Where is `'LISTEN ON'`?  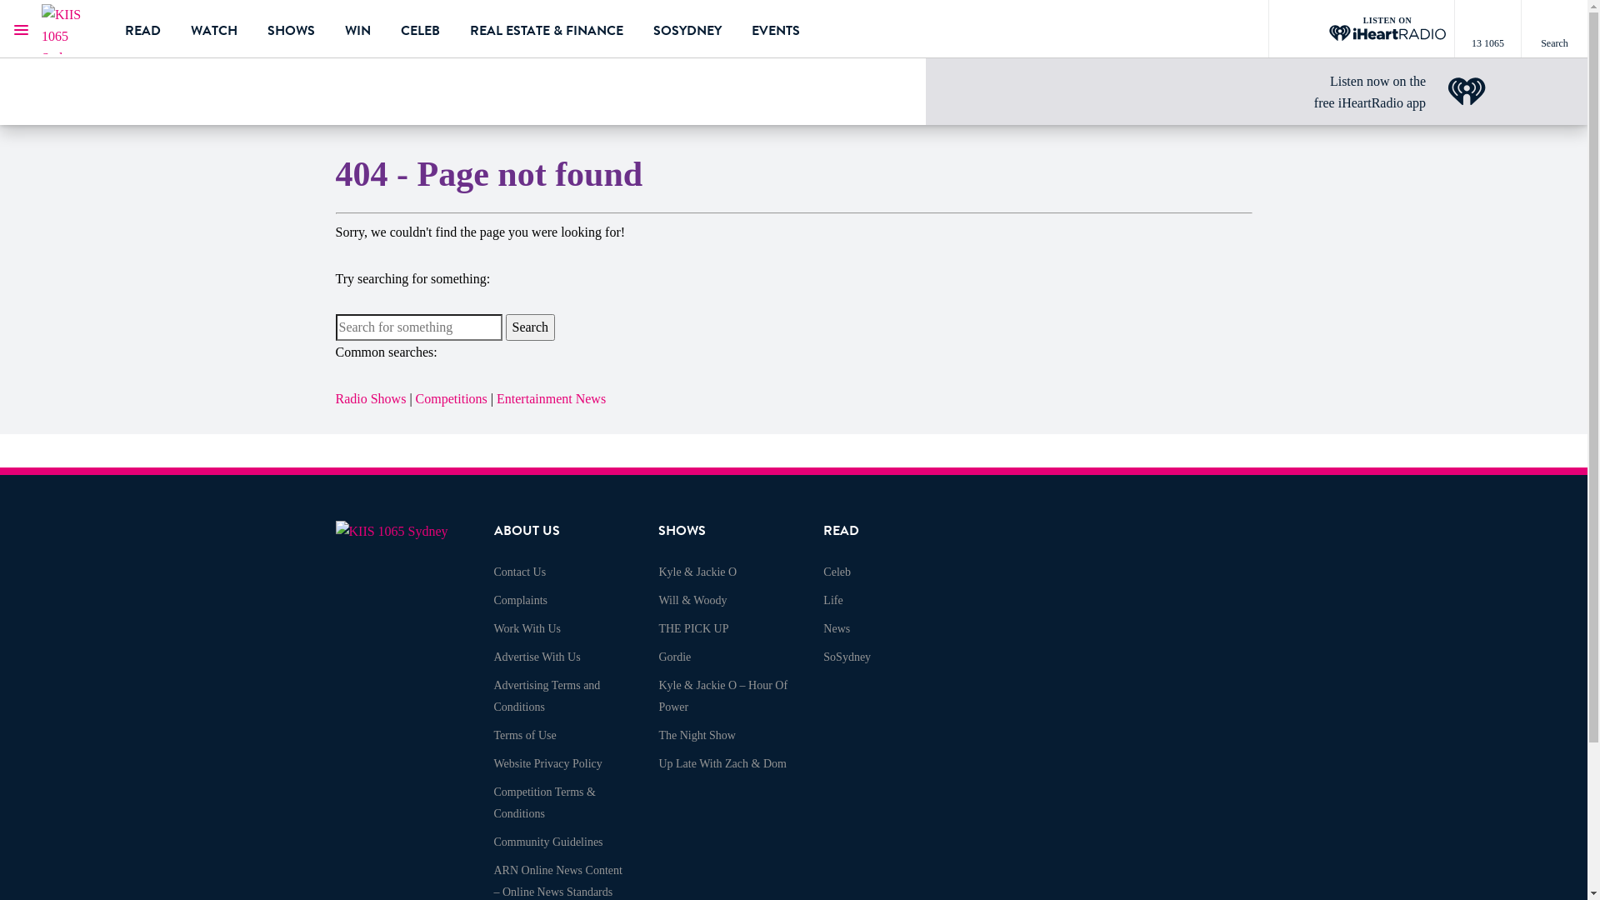
'LISTEN ON' is located at coordinates (1361, 28).